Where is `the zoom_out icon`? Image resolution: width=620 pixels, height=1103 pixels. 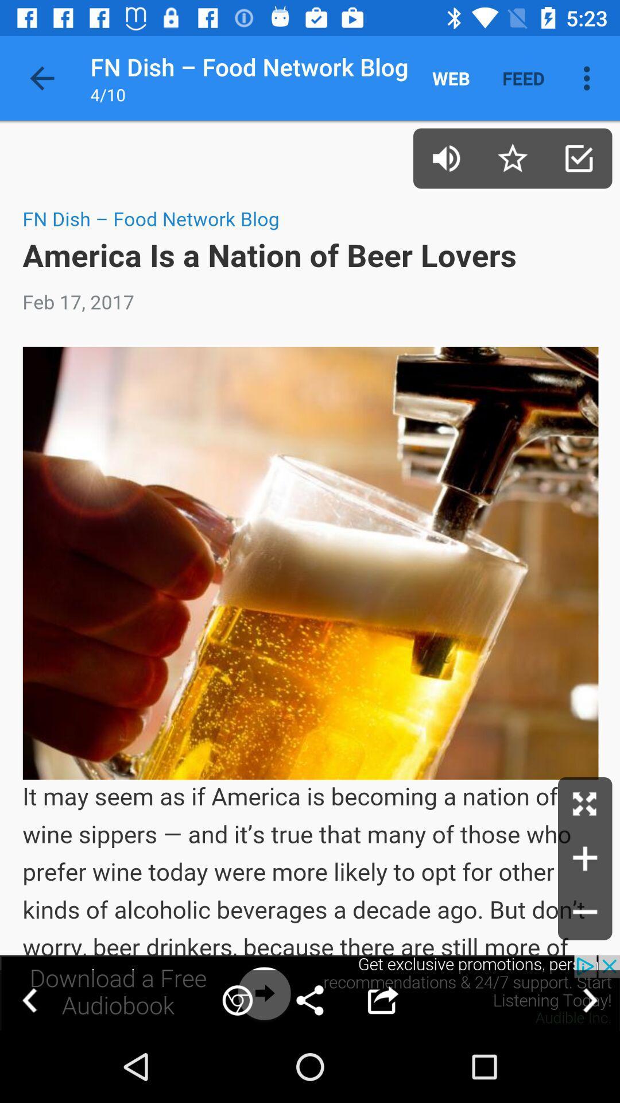
the zoom_out icon is located at coordinates (585, 912).